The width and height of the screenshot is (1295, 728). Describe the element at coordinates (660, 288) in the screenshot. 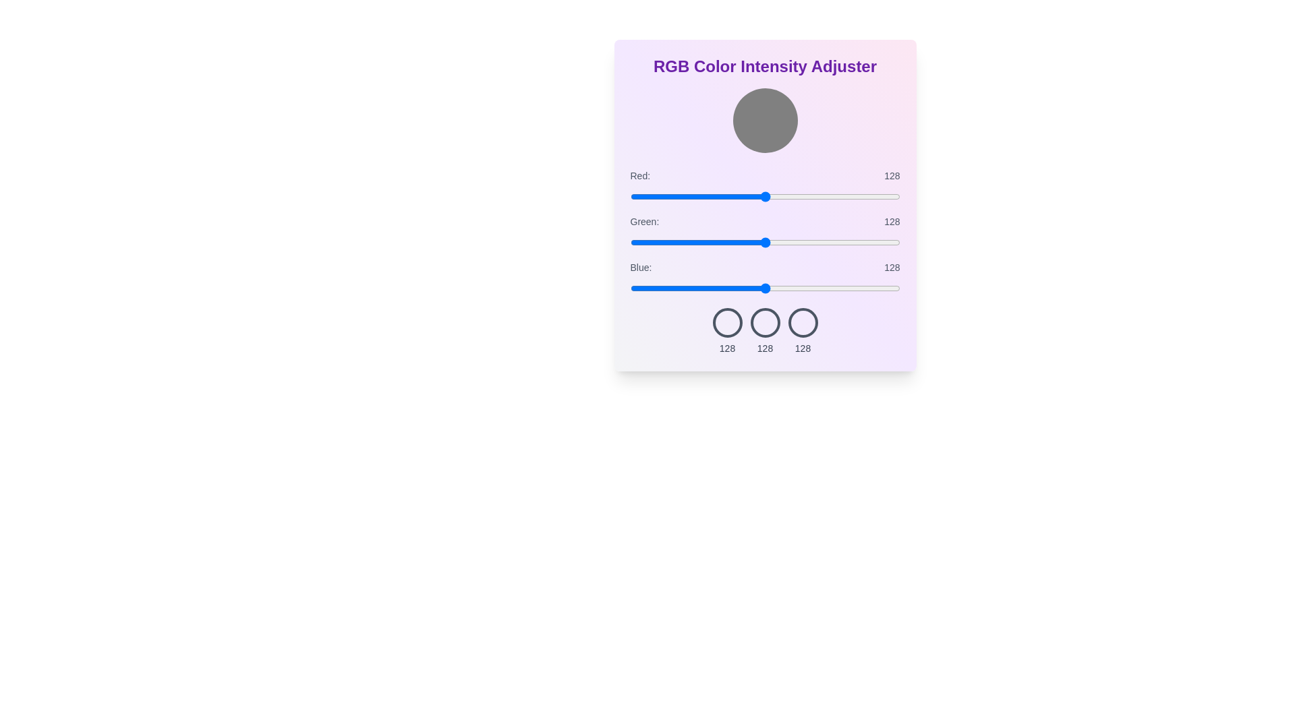

I see `the blue slider to 29` at that location.